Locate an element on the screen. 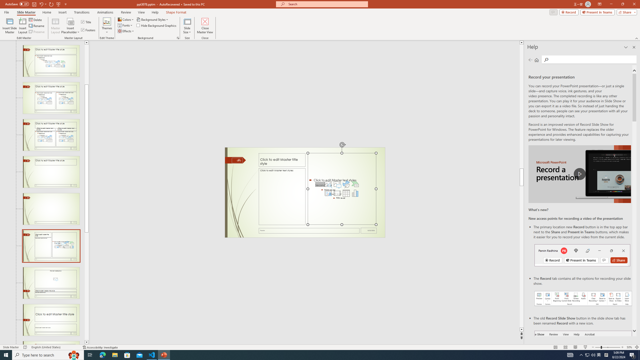 This screenshot has height=360, width=640. 'Line down' is located at coordinates (86, 342).